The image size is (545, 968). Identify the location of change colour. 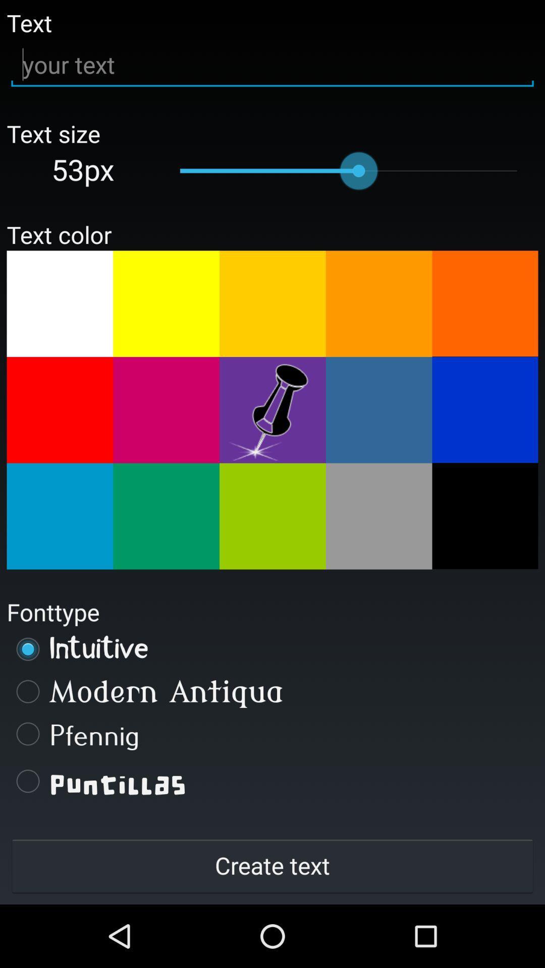
(60, 410).